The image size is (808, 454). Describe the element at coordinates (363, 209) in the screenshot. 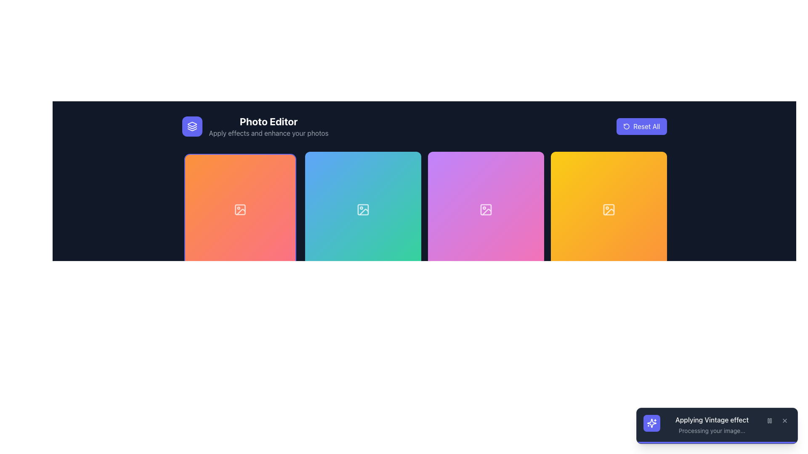

I see `the square button with a gradient background transitioning from blue to green, featuring a photo icon with a white outline` at that location.